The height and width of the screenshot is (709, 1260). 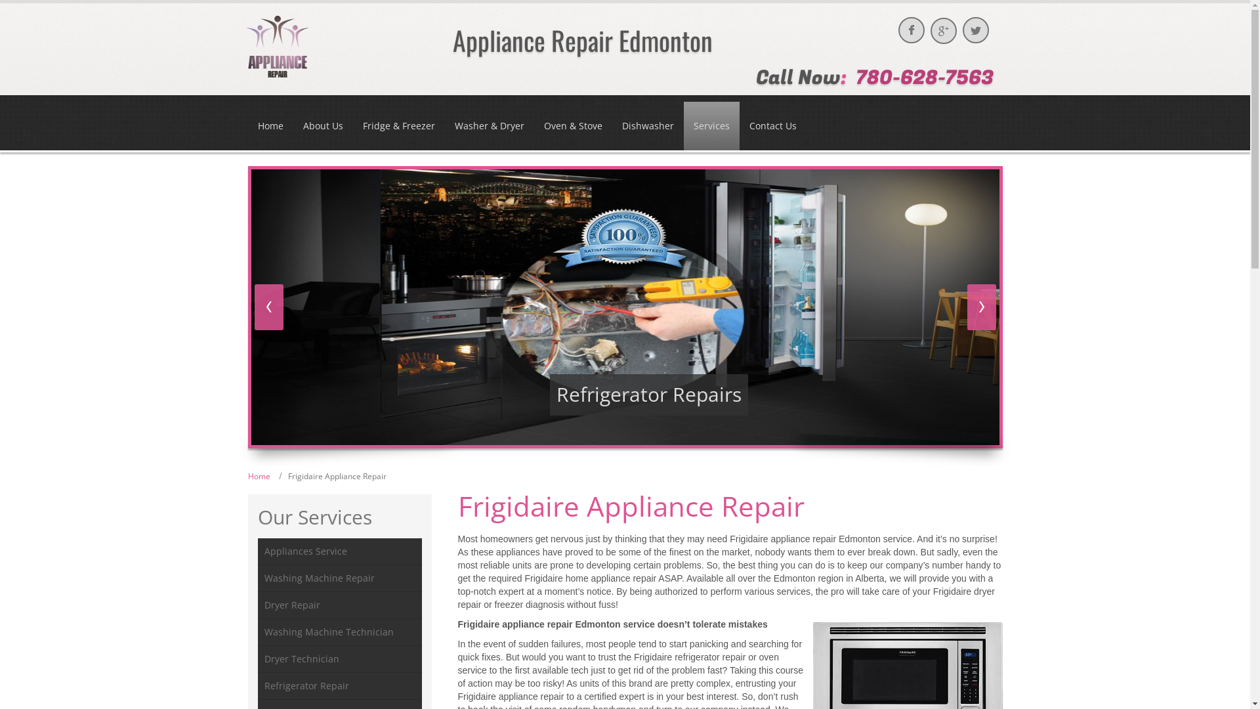 I want to click on 'Services', so click(x=711, y=126).